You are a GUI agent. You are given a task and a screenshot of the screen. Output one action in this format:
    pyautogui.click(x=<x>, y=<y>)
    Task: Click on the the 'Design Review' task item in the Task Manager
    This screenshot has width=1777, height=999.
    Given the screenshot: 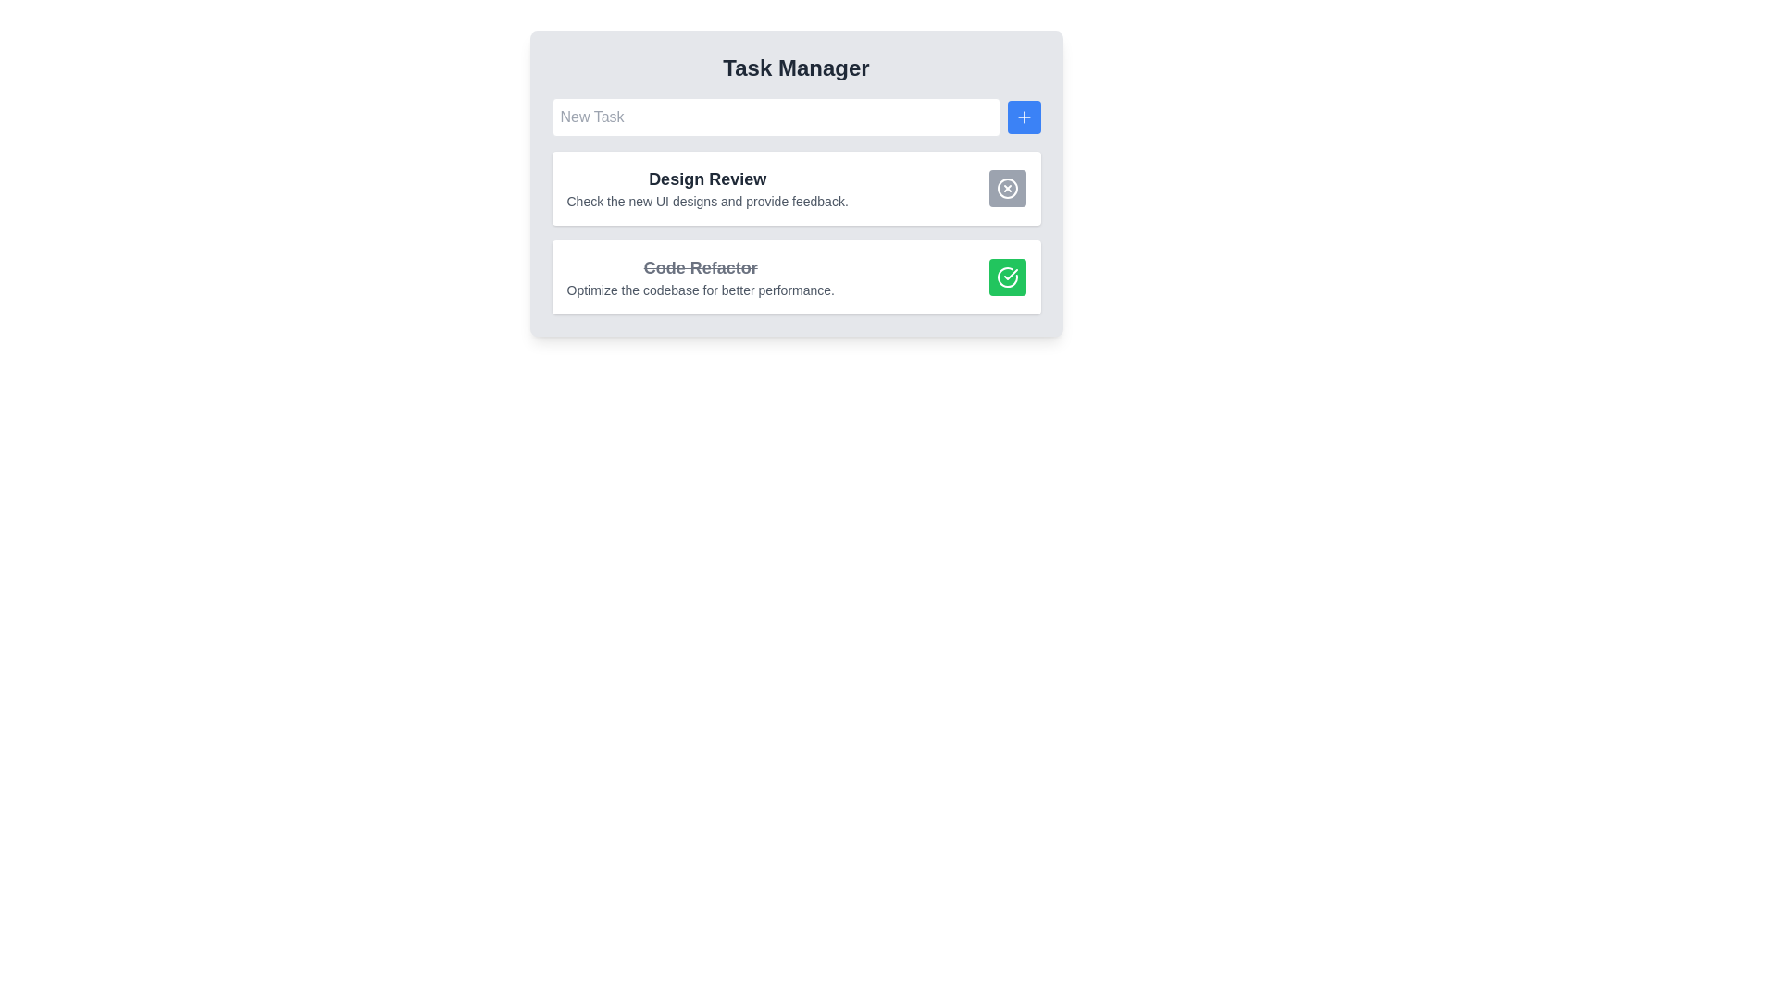 What is the action you would take?
    pyautogui.click(x=796, y=189)
    